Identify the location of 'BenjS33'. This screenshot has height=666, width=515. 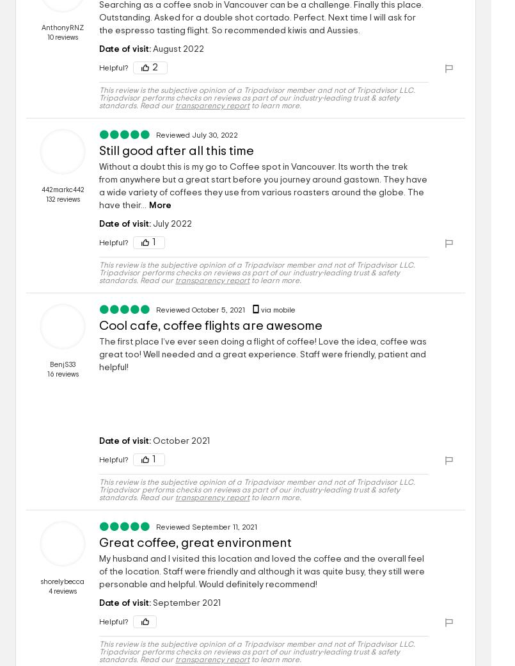
(61, 364).